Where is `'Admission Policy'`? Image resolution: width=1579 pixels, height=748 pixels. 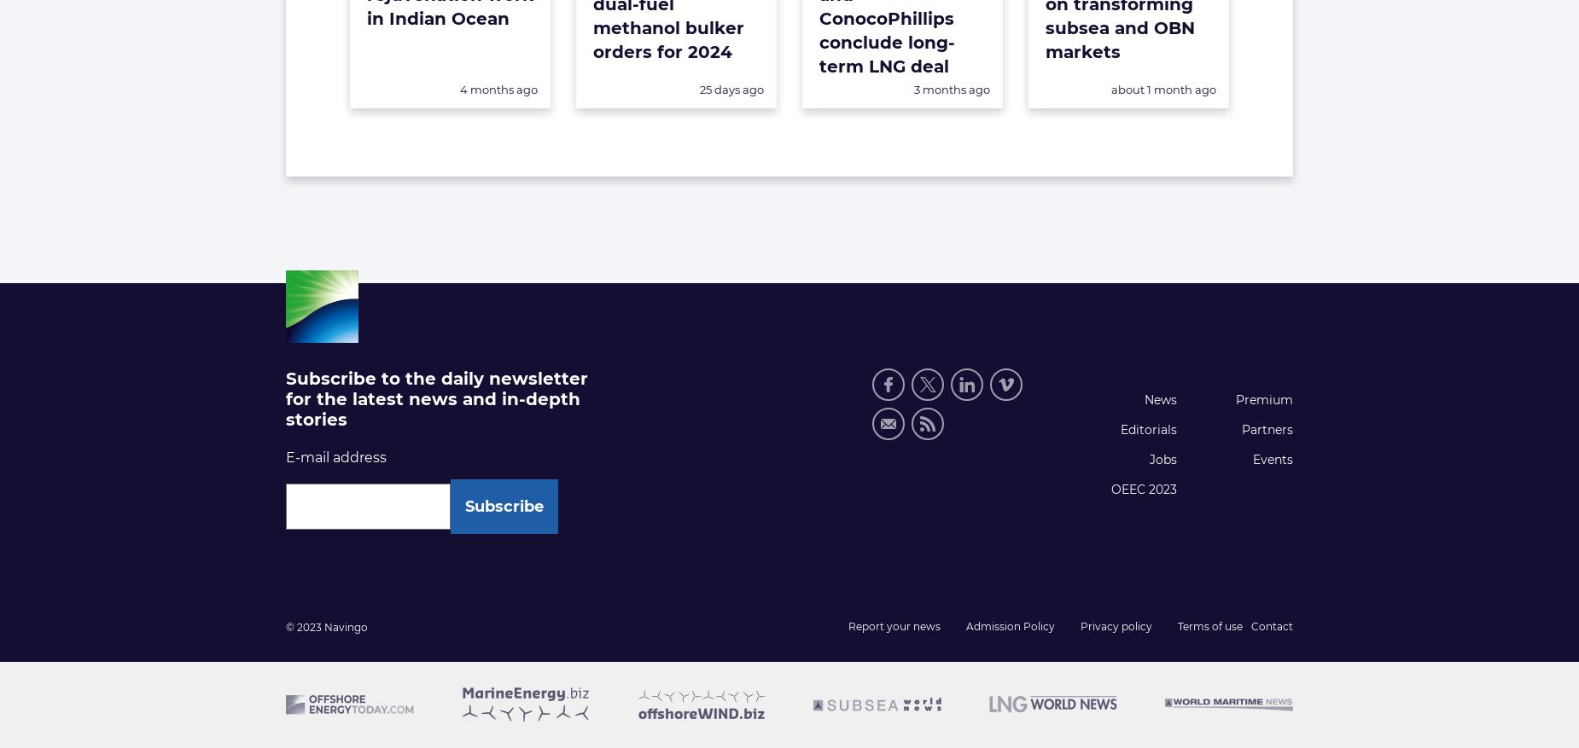 'Admission Policy' is located at coordinates (1010, 625).